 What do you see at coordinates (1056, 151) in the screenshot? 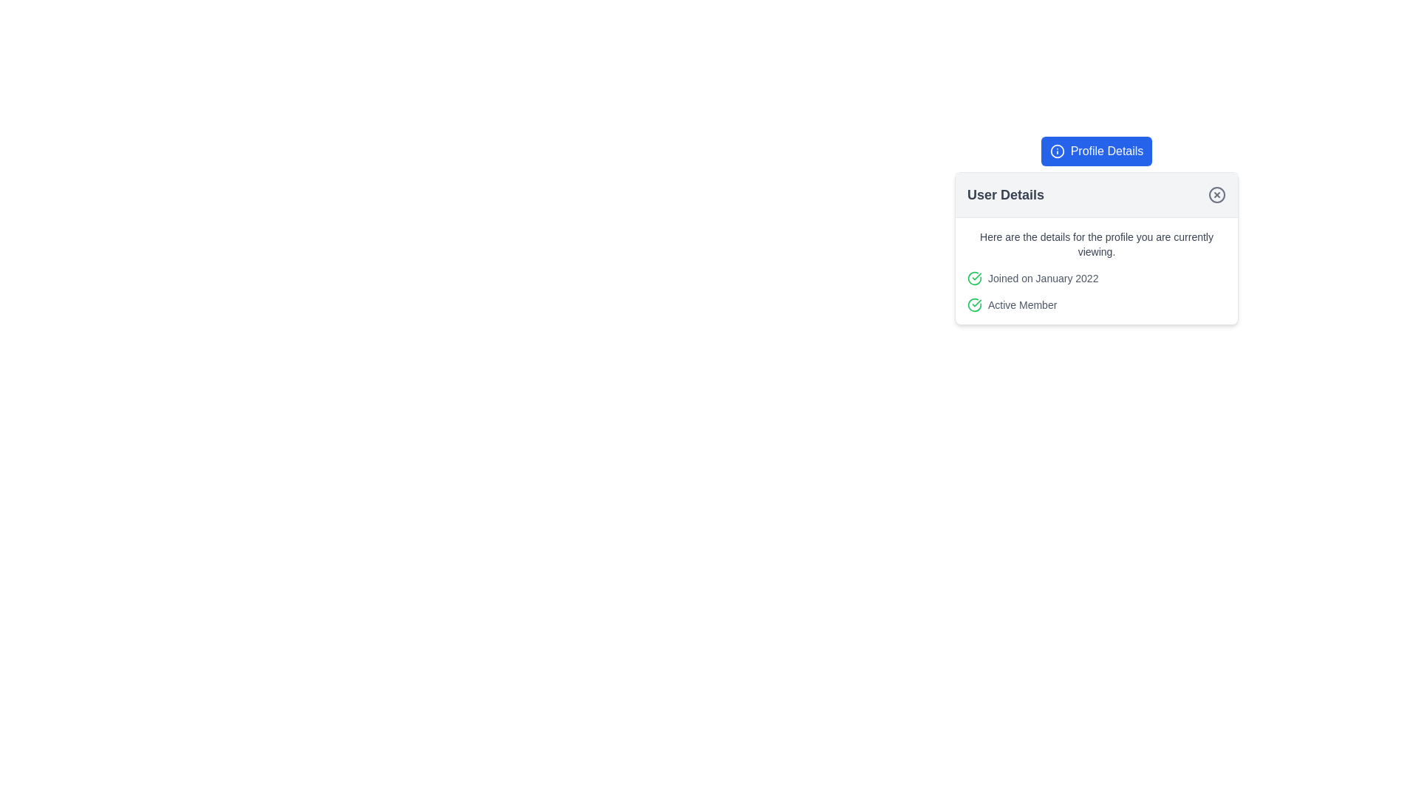
I see `the graphical icon located at the left side of the 'Profile Details' button` at bounding box center [1056, 151].